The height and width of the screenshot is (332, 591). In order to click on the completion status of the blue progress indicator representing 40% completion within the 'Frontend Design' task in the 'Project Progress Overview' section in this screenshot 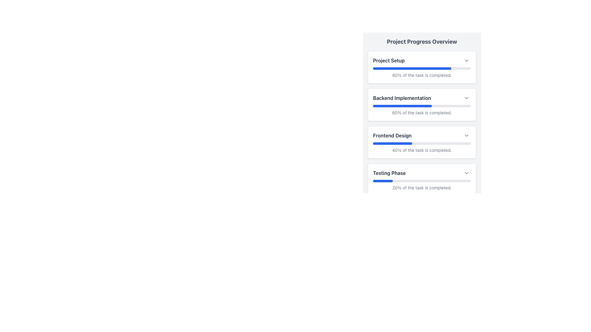, I will do `click(392, 143)`.